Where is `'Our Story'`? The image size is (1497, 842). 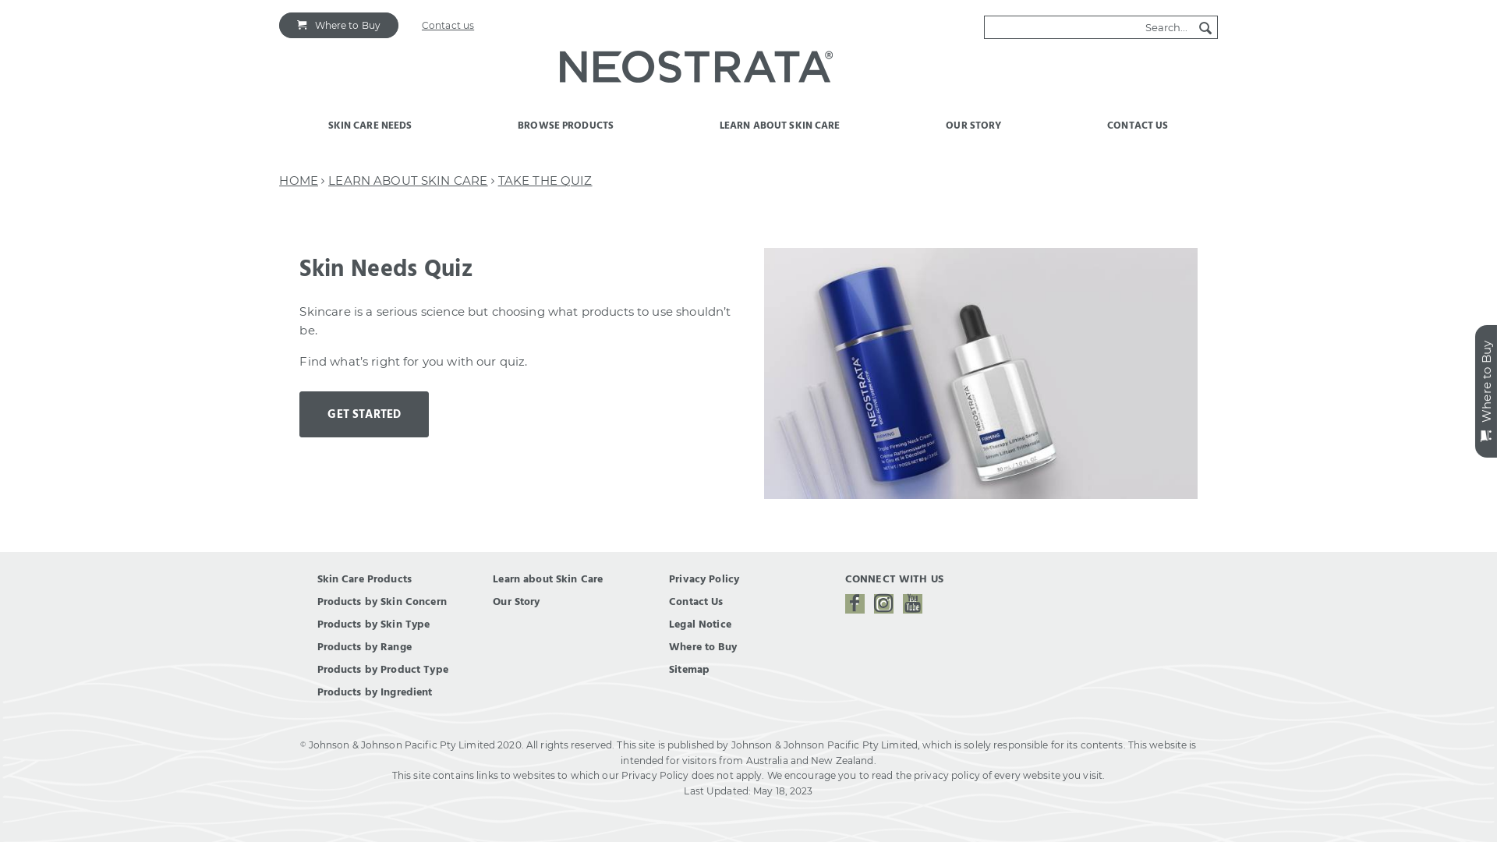
'Our Story' is located at coordinates (516, 600).